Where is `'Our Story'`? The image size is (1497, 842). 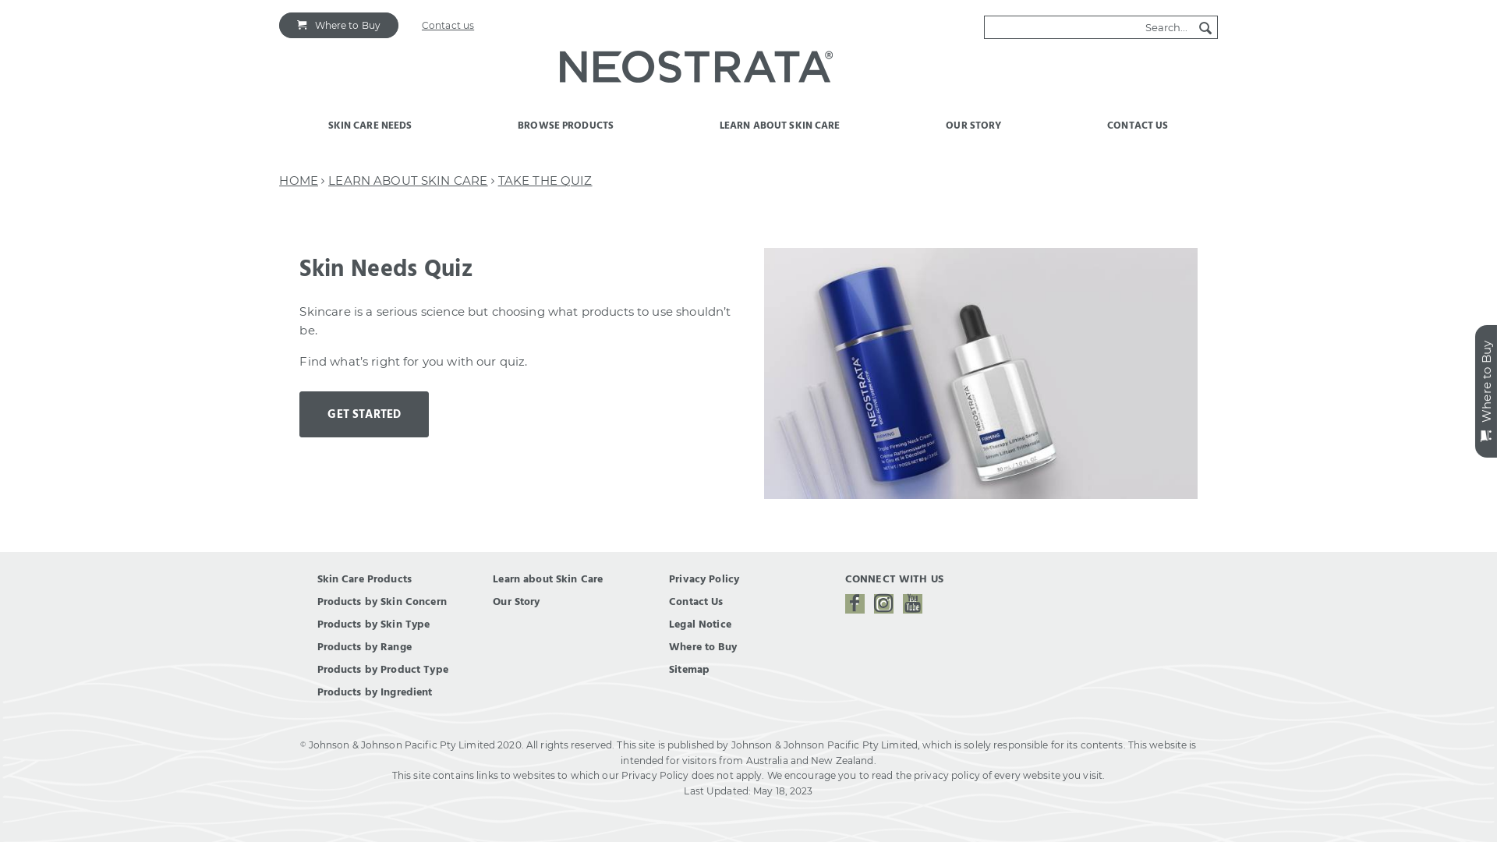
'Our Story' is located at coordinates (516, 600).